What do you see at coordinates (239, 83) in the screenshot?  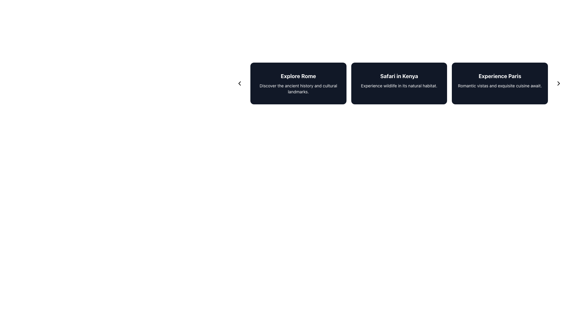 I see `the left-arrow icon button next to the title 'Explore Rome'` at bounding box center [239, 83].